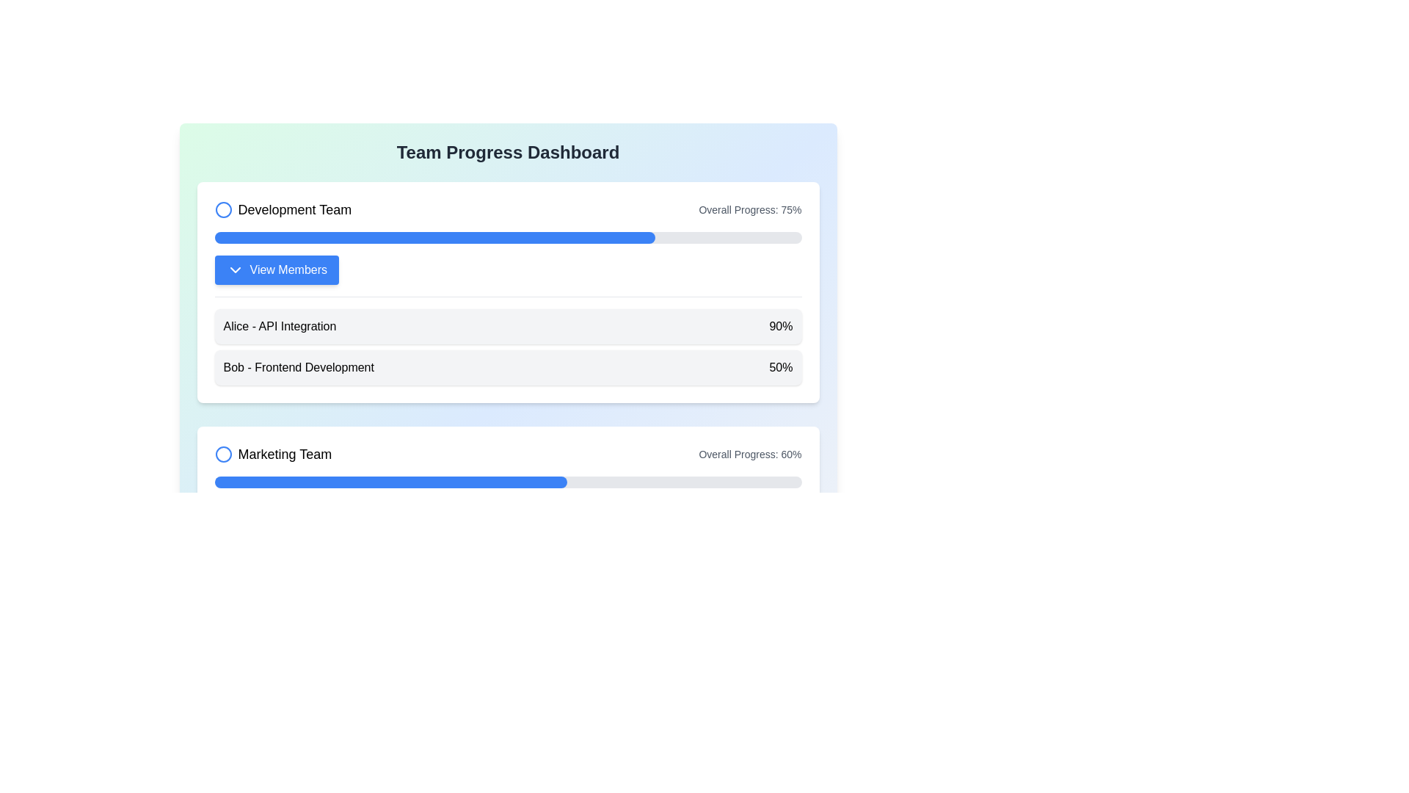 This screenshot has width=1409, height=793. What do you see at coordinates (390, 482) in the screenshot?
I see `the visual representation of the Progress bar indicating the completion percentage of the 'Marketing Team' task, located below the 'Marketing Team' heading` at bounding box center [390, 482].